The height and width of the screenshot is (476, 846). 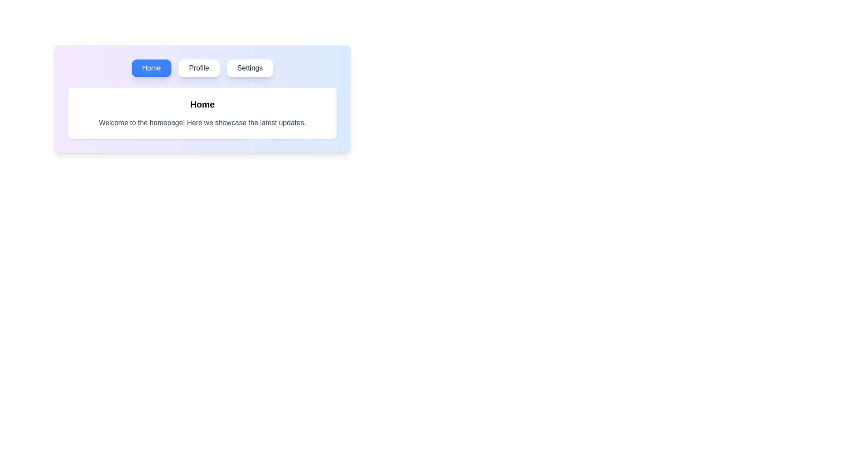 I want to click on the Home tab to view its content, so click(x=151, y=67).